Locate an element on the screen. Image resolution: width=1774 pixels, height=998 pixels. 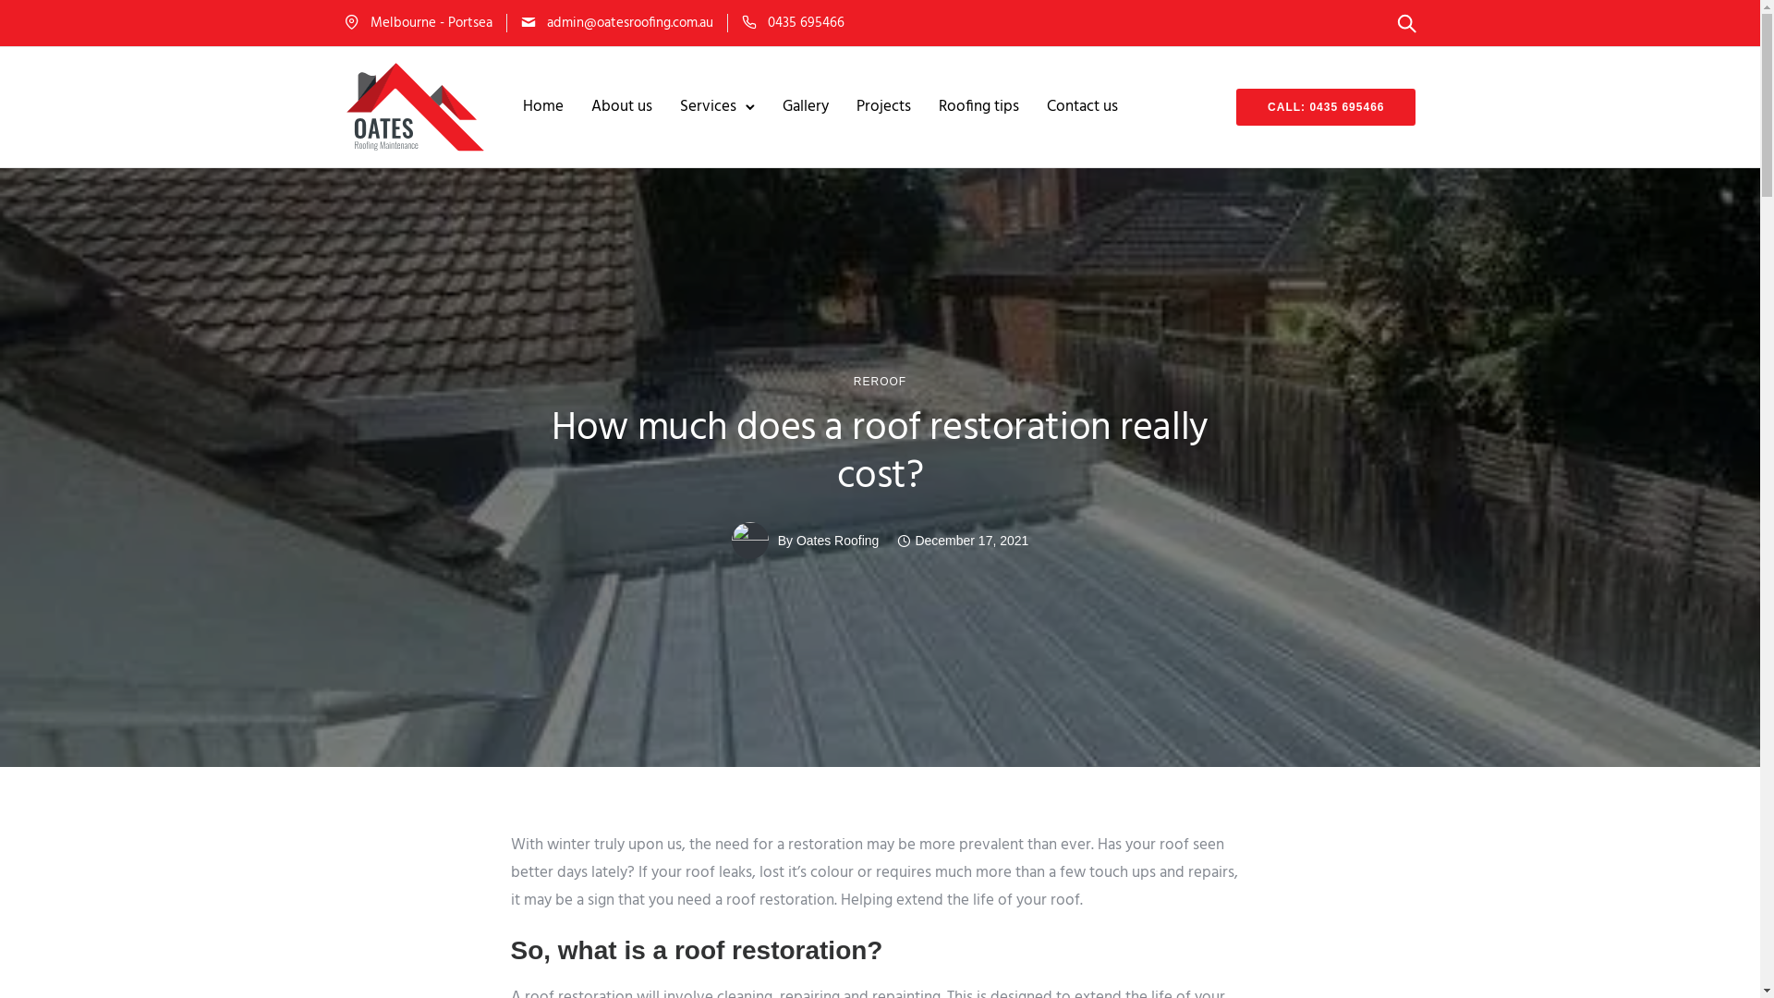
'Projects' is located at coordinates (845, 106).